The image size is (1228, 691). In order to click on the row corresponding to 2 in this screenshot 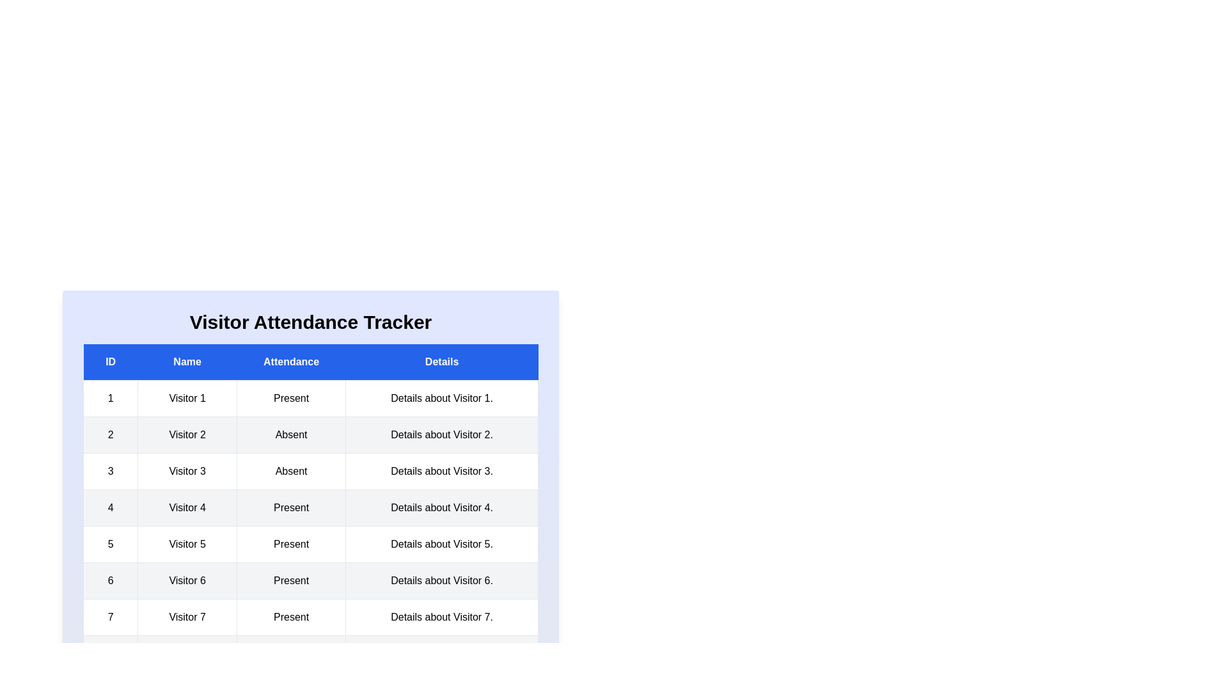, I will do `click(310, 434)`.